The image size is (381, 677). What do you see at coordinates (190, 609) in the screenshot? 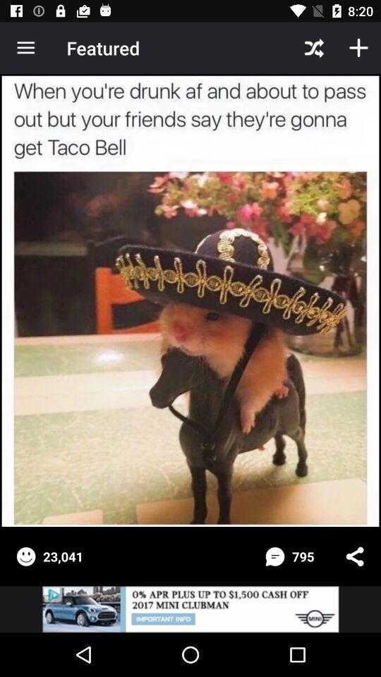
I see `see advertisement` at bounding box center [190, 609].